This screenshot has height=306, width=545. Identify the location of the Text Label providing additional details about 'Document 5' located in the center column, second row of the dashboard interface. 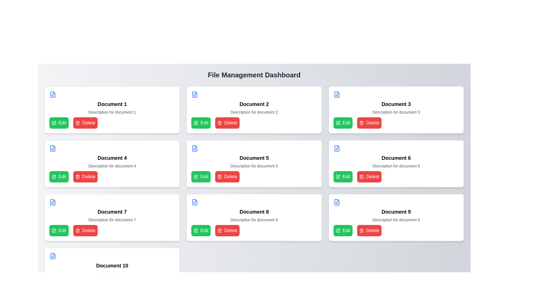
(254, 166).